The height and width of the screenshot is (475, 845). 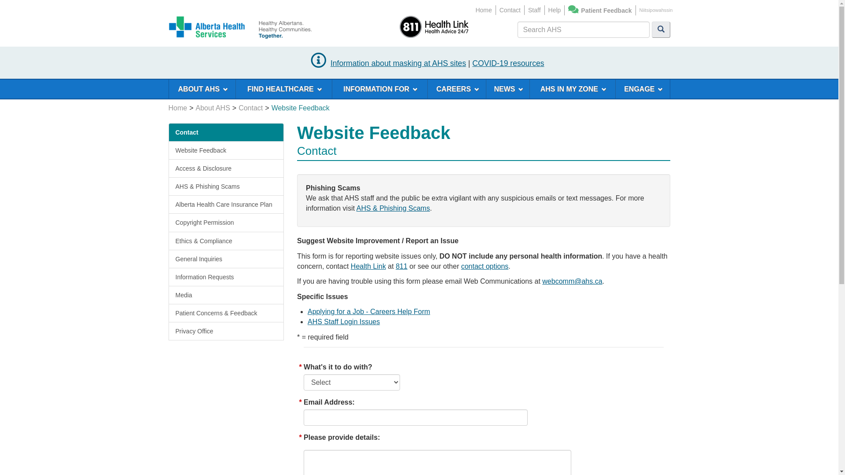 What do you see at coordinates (368, 266) in the screenshot?
I see `'Health Link'` at bounding box center [368, 266].